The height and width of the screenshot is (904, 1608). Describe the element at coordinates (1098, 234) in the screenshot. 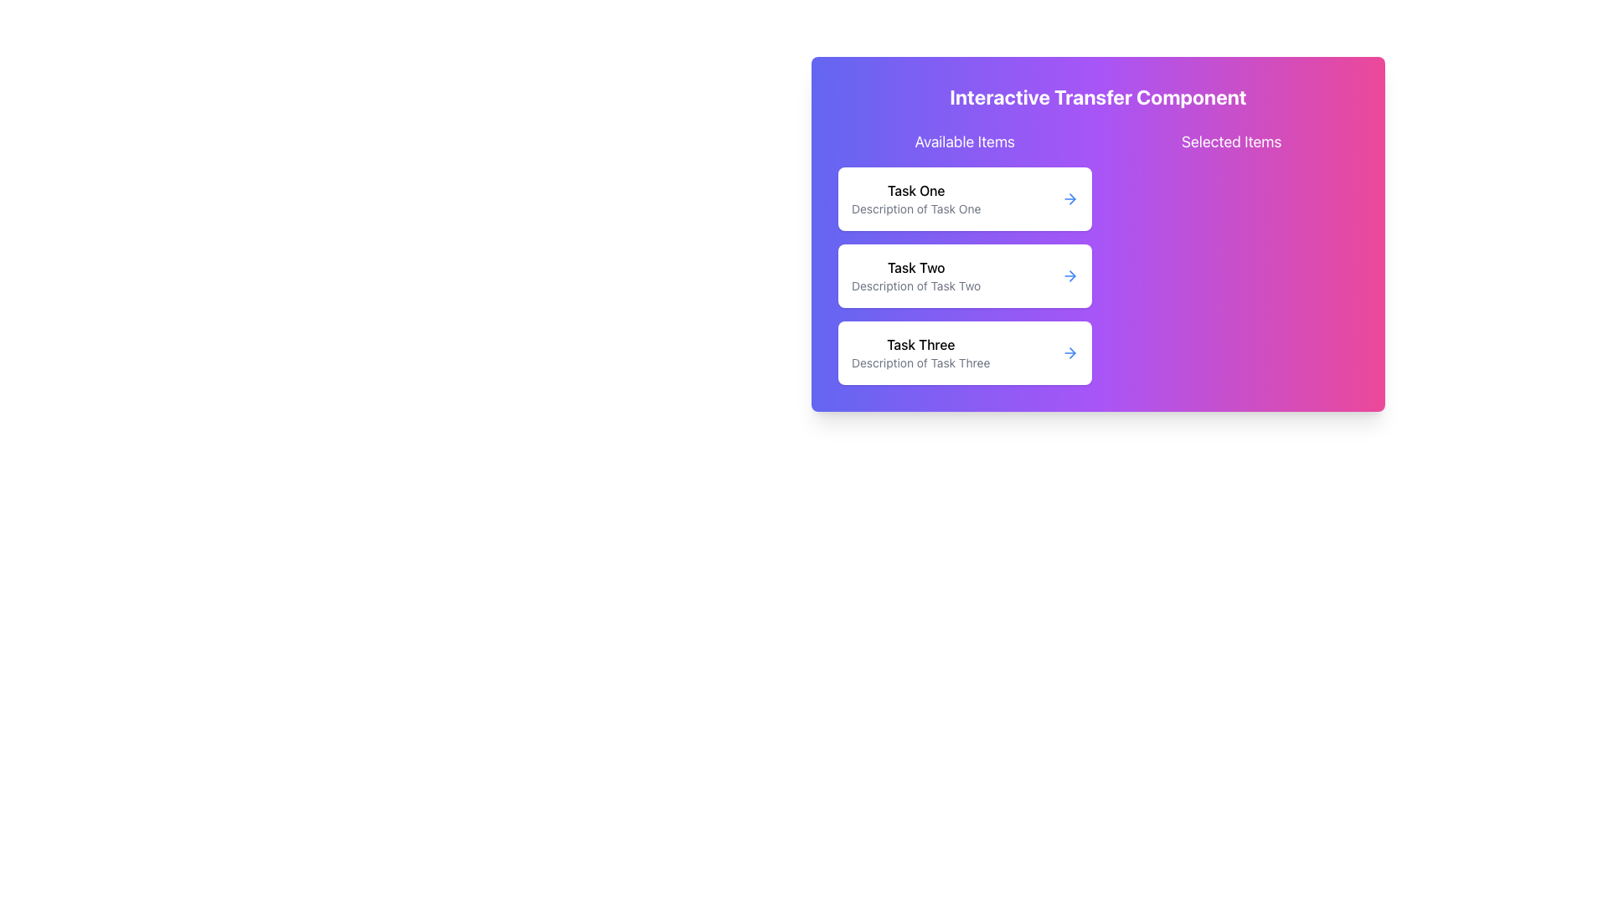

I see `the interactive transfer component panel, which has a gradient background transitioning from blue to pink and contains the title 'Interactive Transfer Component'` at that location.